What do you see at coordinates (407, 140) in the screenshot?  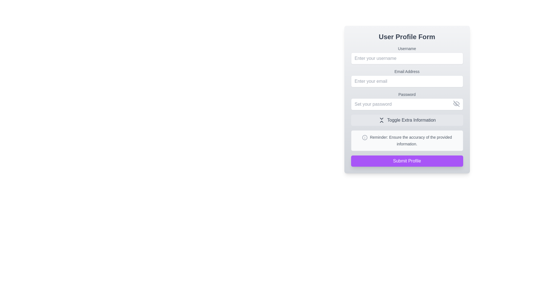 I see `the Informational message box that serves as a reminder regarding data accuracy, located below the 'Toggle Extra Information' button and above the 'Submit Profile' button` at bounding box center [407, 140].